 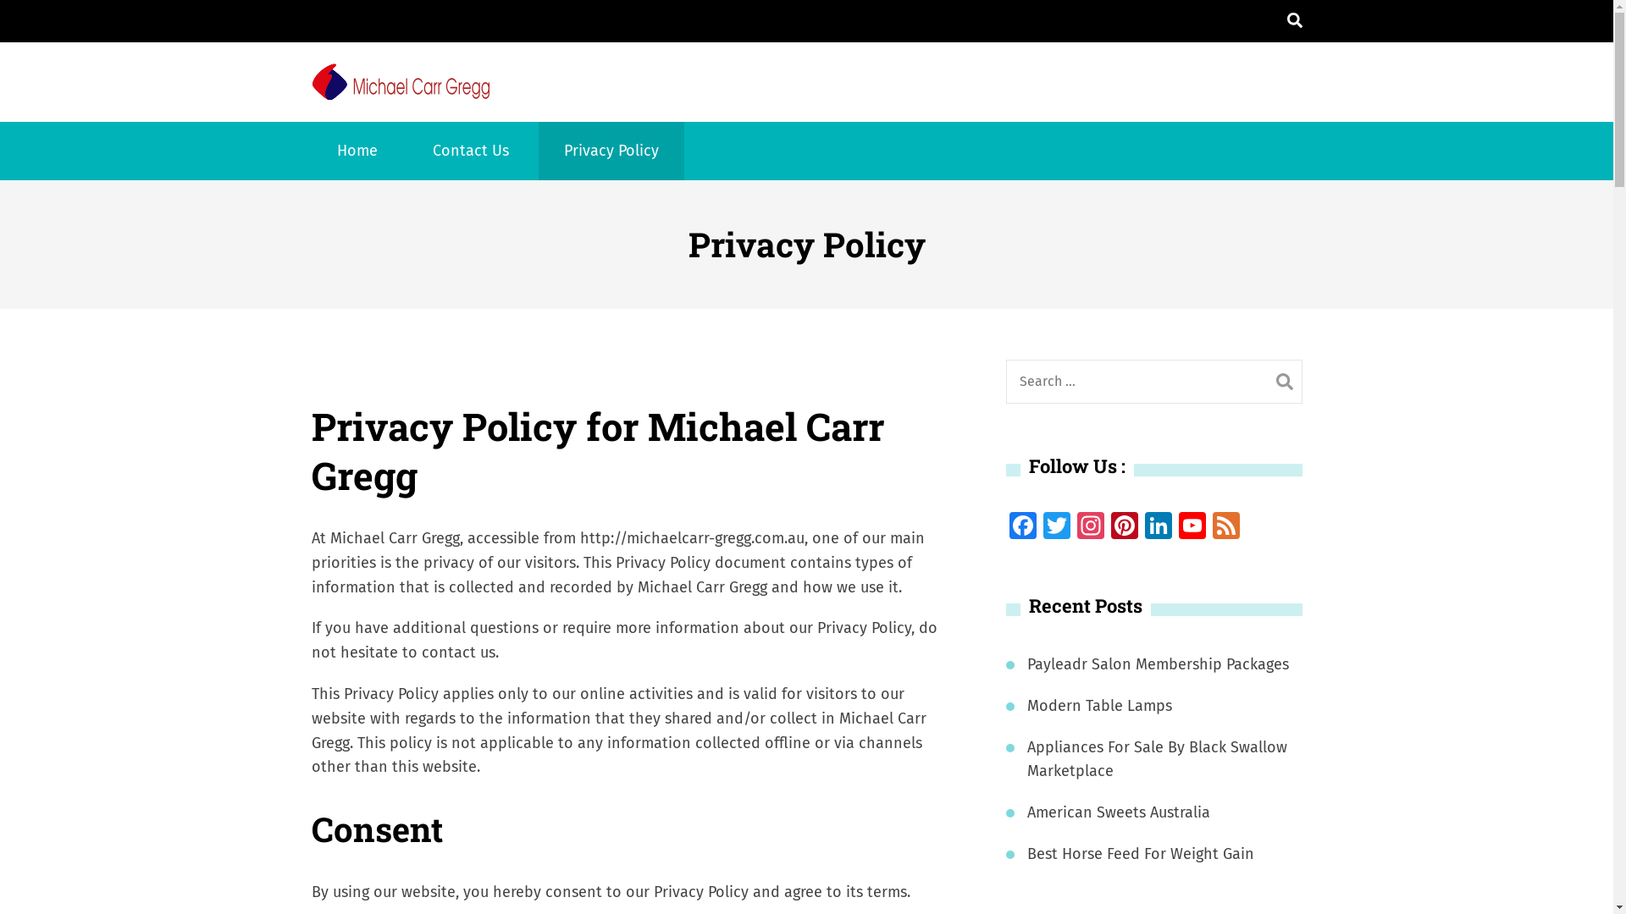 I want to click on 'Home', so click(x=357, y=150).